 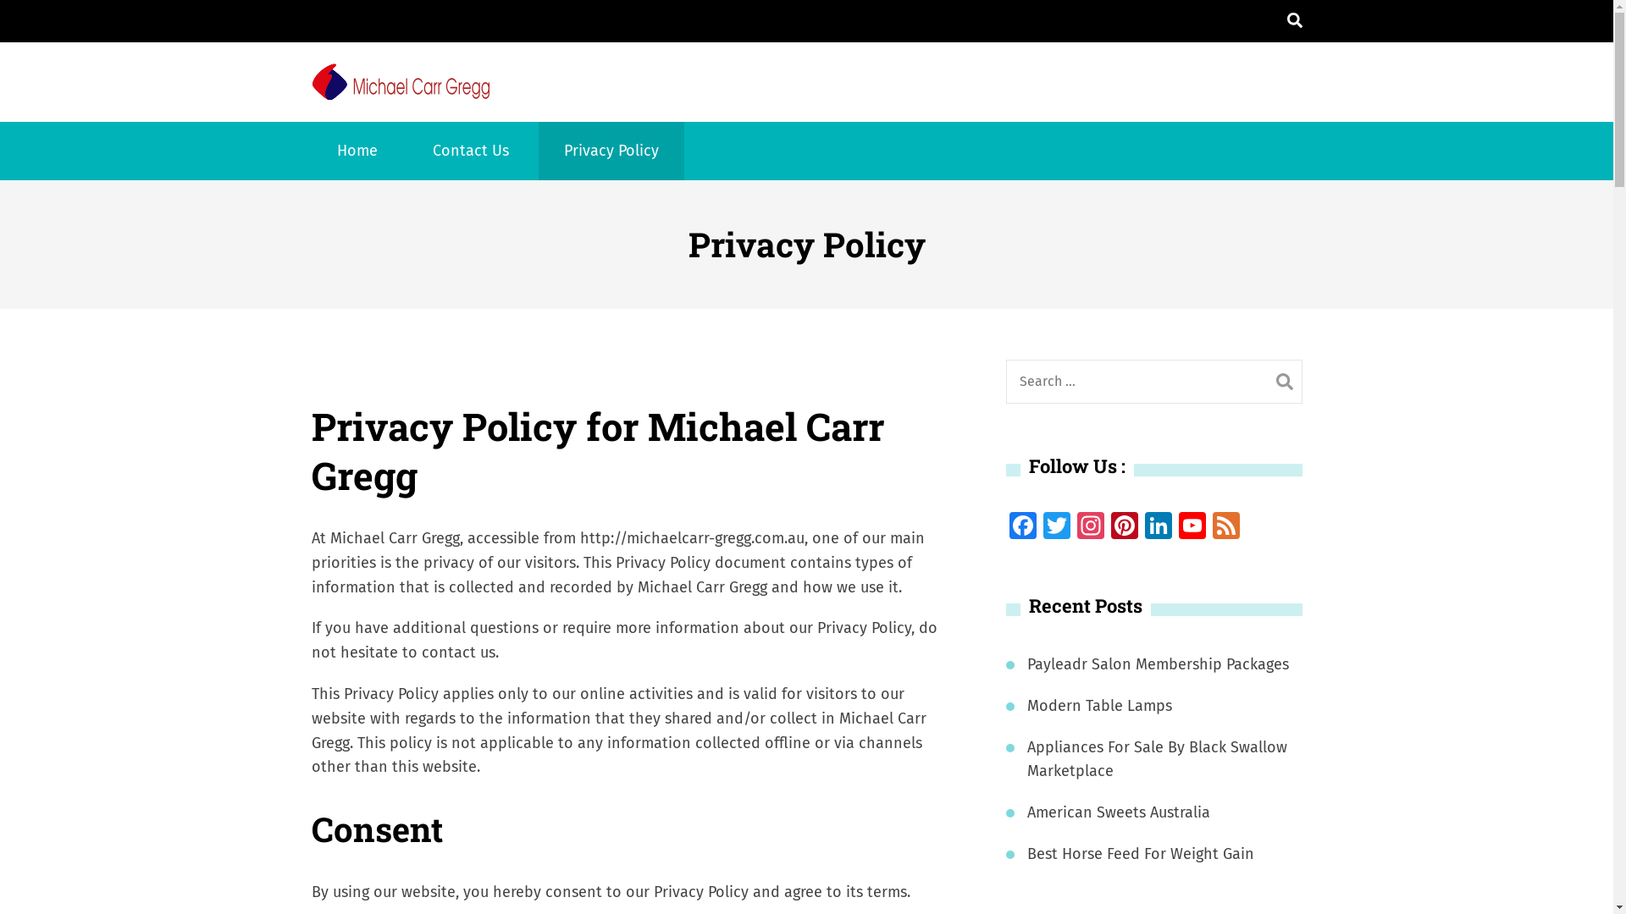 I want to click on 'Home', so click(x=357, y=150).